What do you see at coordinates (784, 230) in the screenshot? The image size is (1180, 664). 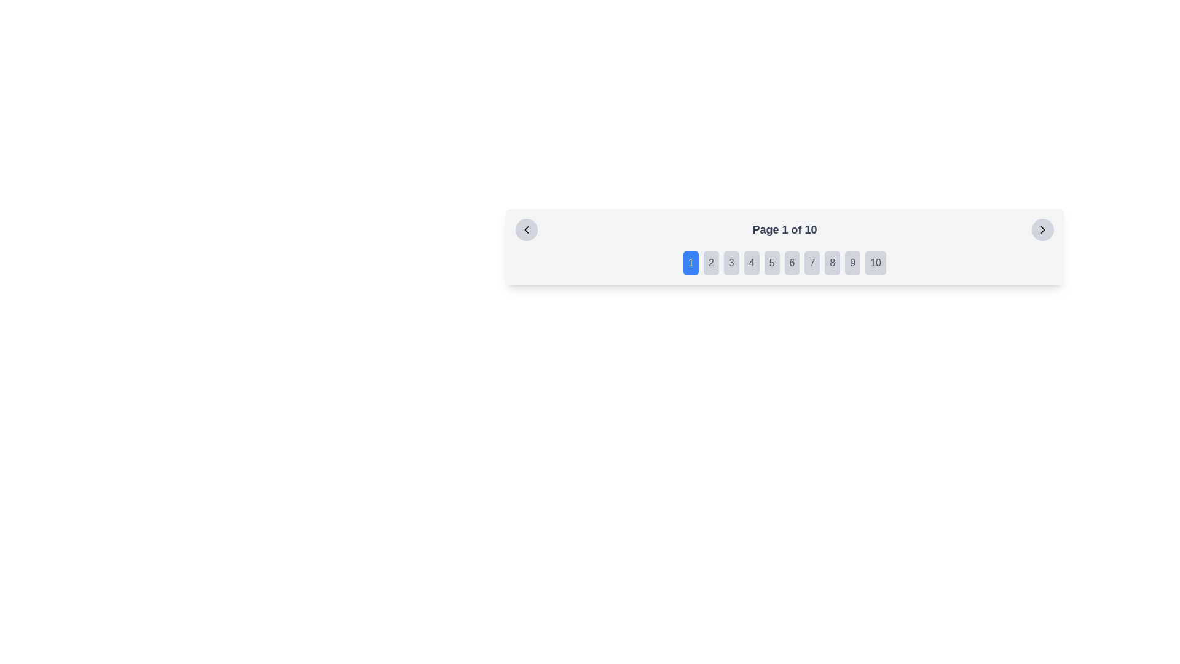 I see `the text label displaying 'Page 1 of 10', which is bold and centered, indicating the current page and total pages` at bounding box center [784, 230].